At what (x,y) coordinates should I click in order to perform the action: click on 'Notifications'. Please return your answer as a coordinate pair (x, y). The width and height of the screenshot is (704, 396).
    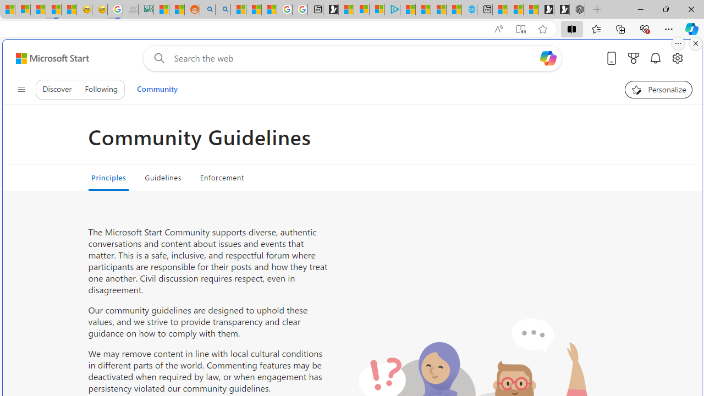
    Looking at the image, I should click on (656, 58).